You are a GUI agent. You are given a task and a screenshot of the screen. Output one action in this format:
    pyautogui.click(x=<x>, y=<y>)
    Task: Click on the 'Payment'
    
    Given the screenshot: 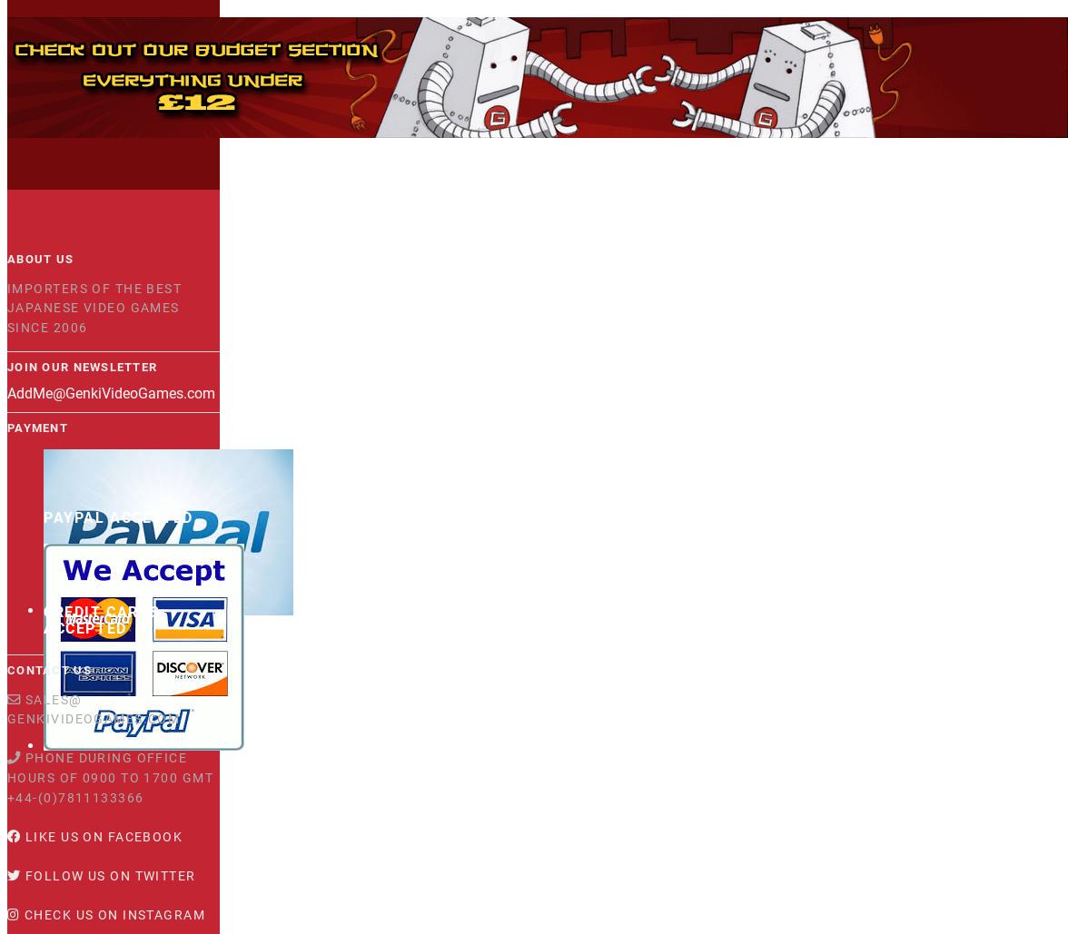 What is the action you would take?
    pyautogui.click(x=37, y=427)
    